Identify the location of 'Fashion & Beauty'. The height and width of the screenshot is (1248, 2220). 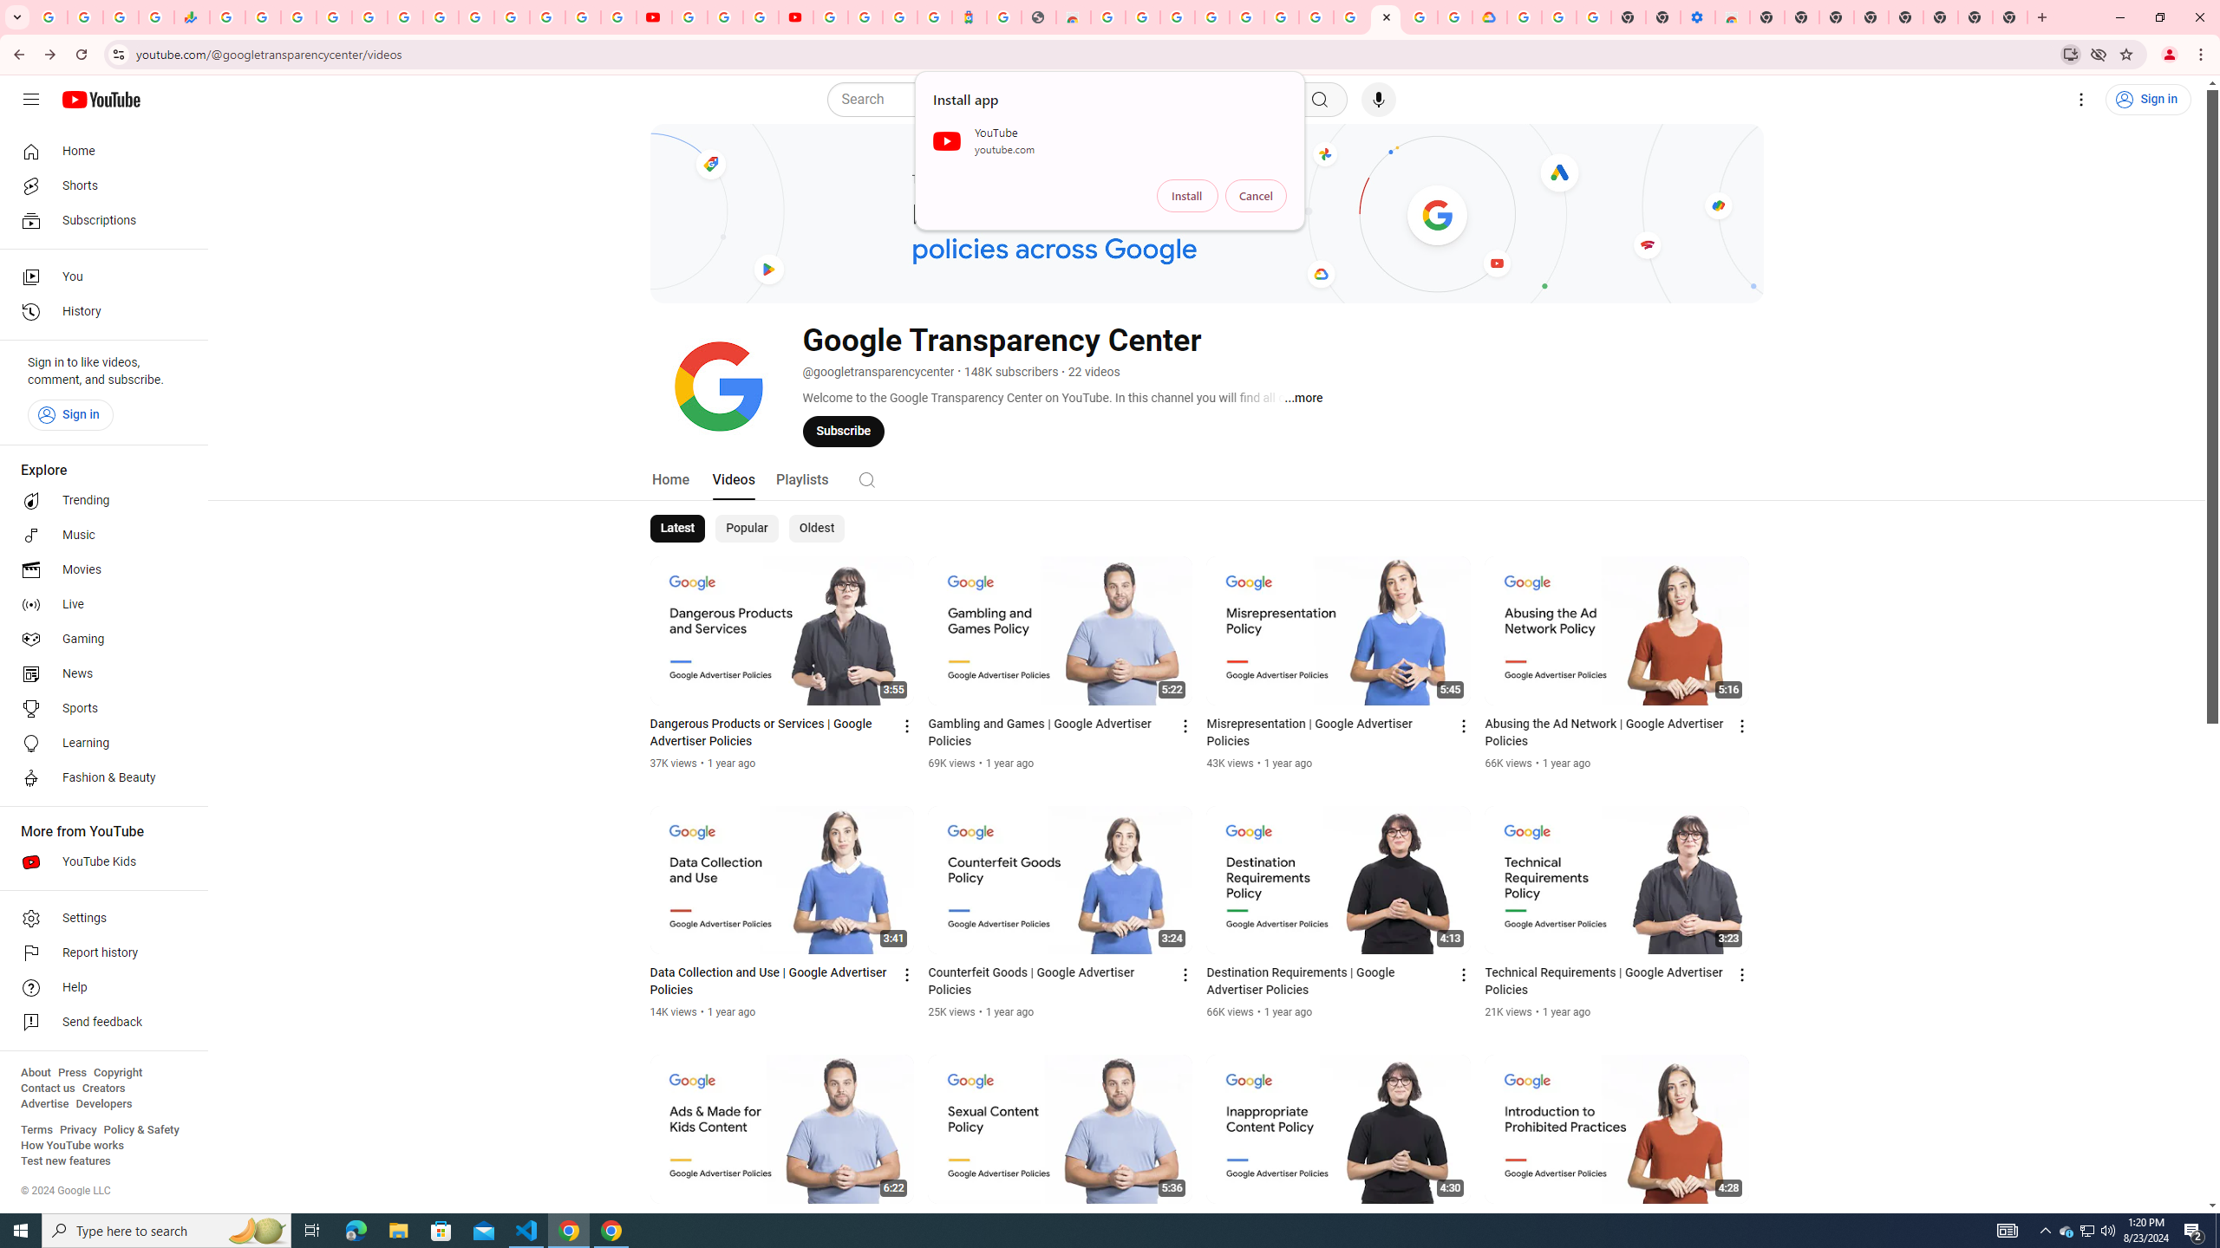
(98, 777).